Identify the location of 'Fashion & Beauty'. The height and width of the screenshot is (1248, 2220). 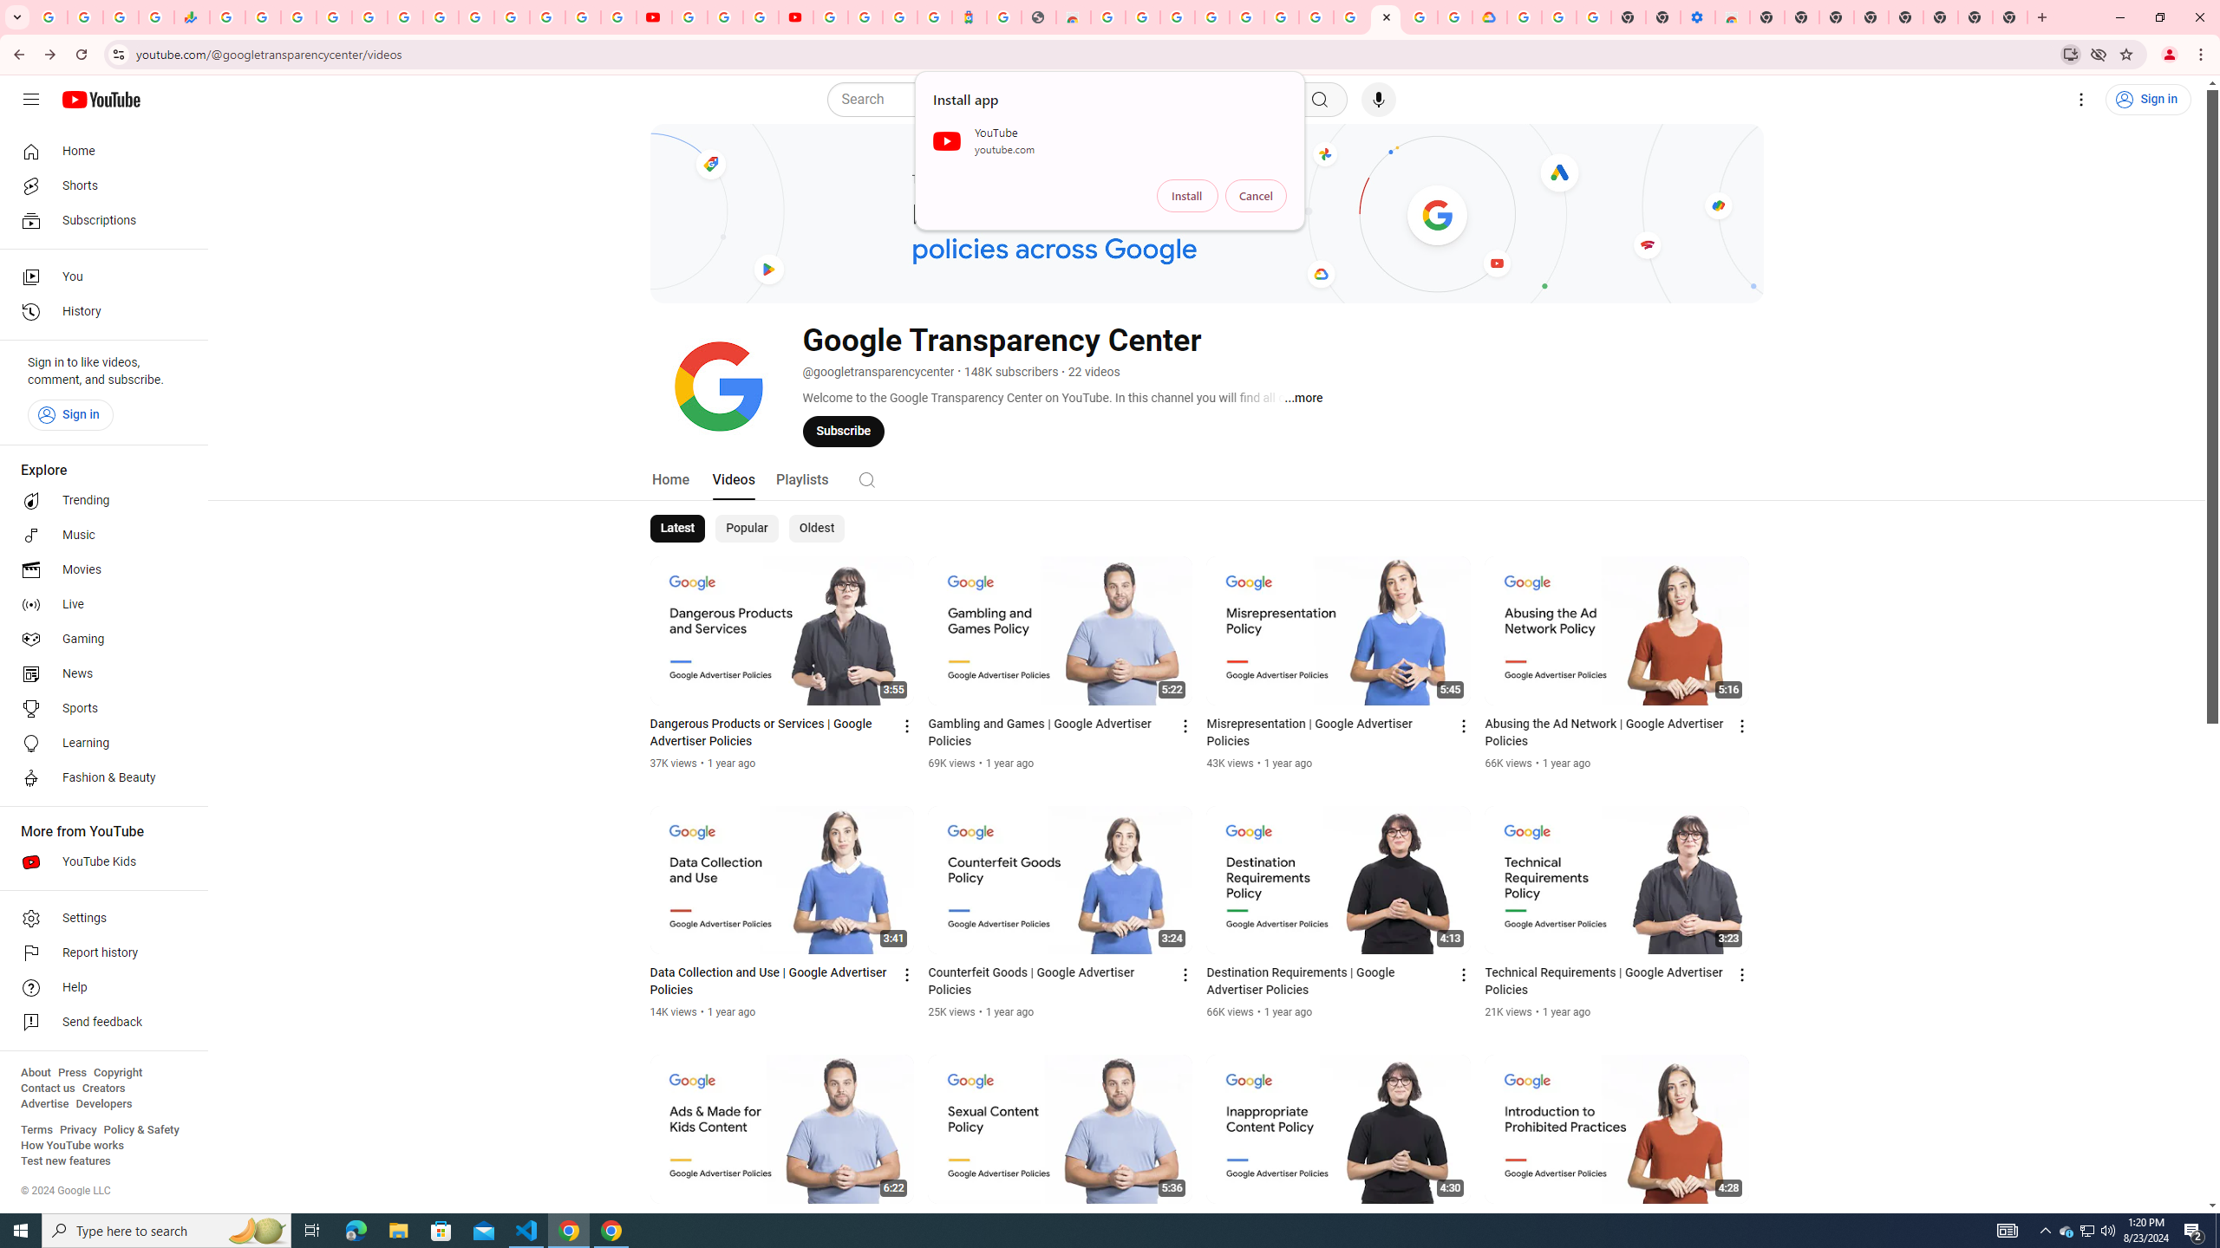
(98, 777).